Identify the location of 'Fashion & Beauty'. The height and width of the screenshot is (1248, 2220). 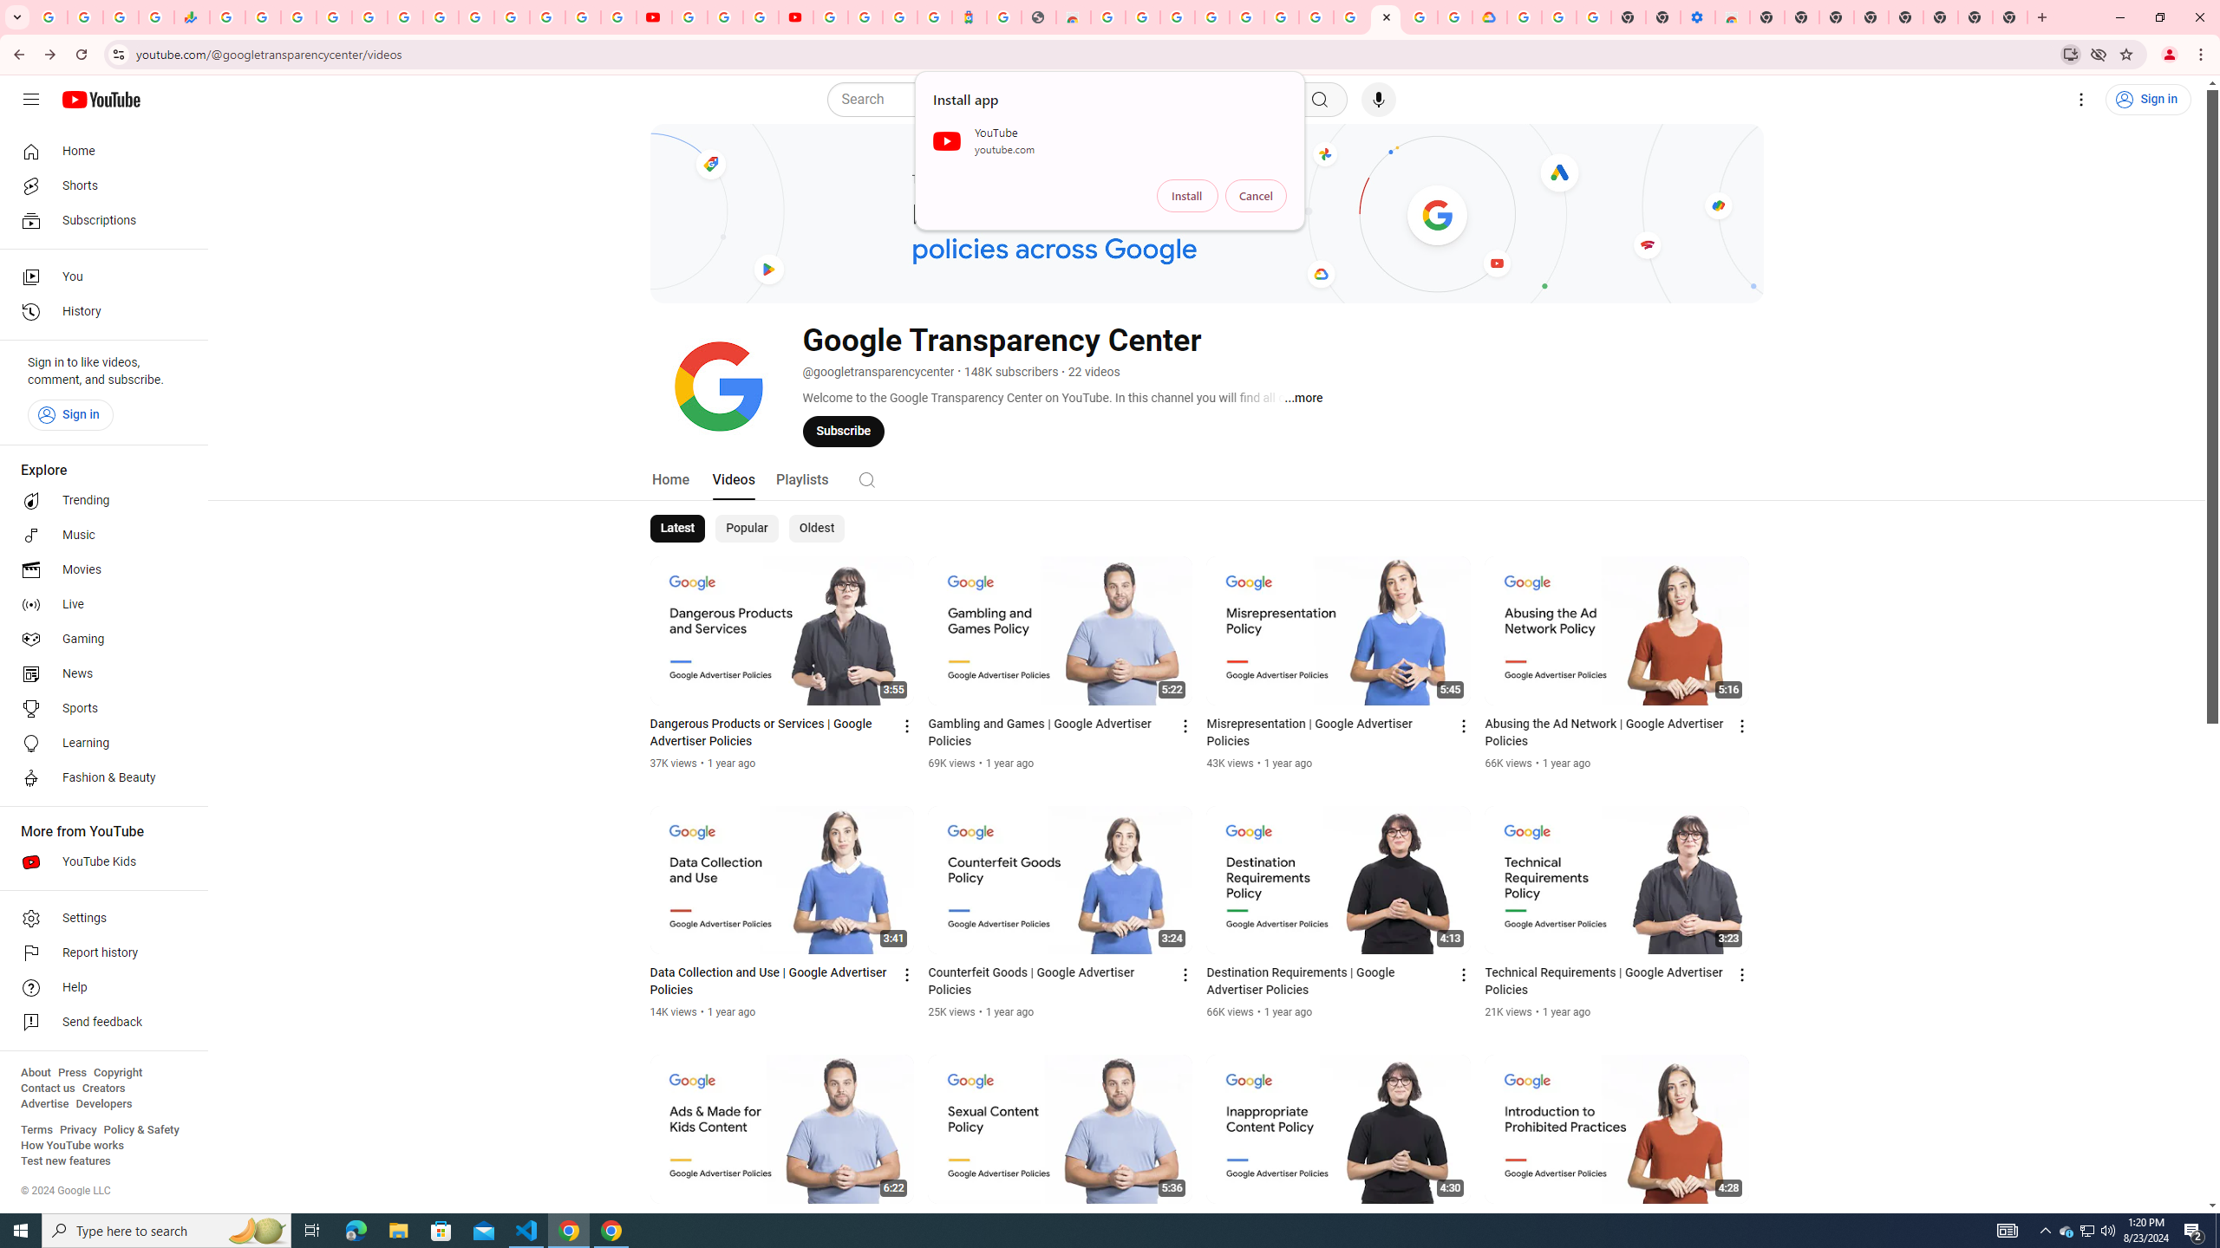
(98, 777).